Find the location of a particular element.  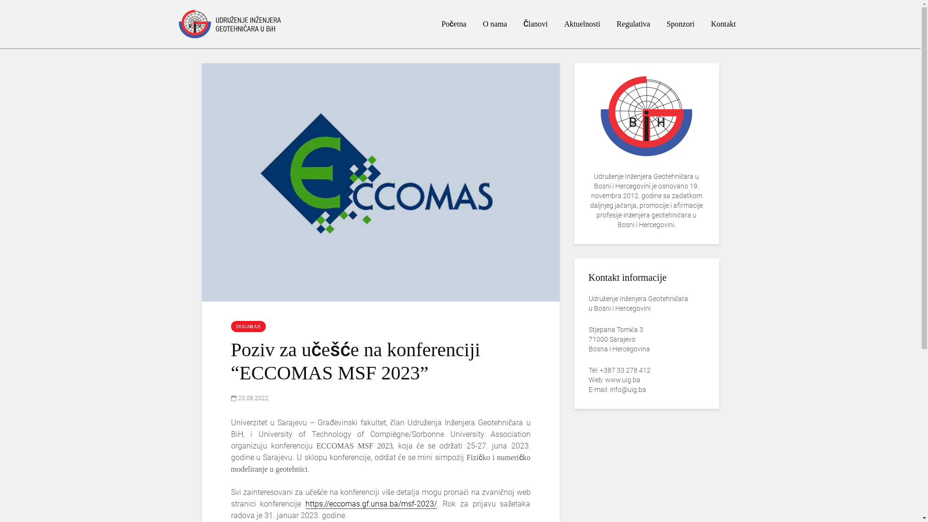

'O nama' is located at coordinates (494, 24).